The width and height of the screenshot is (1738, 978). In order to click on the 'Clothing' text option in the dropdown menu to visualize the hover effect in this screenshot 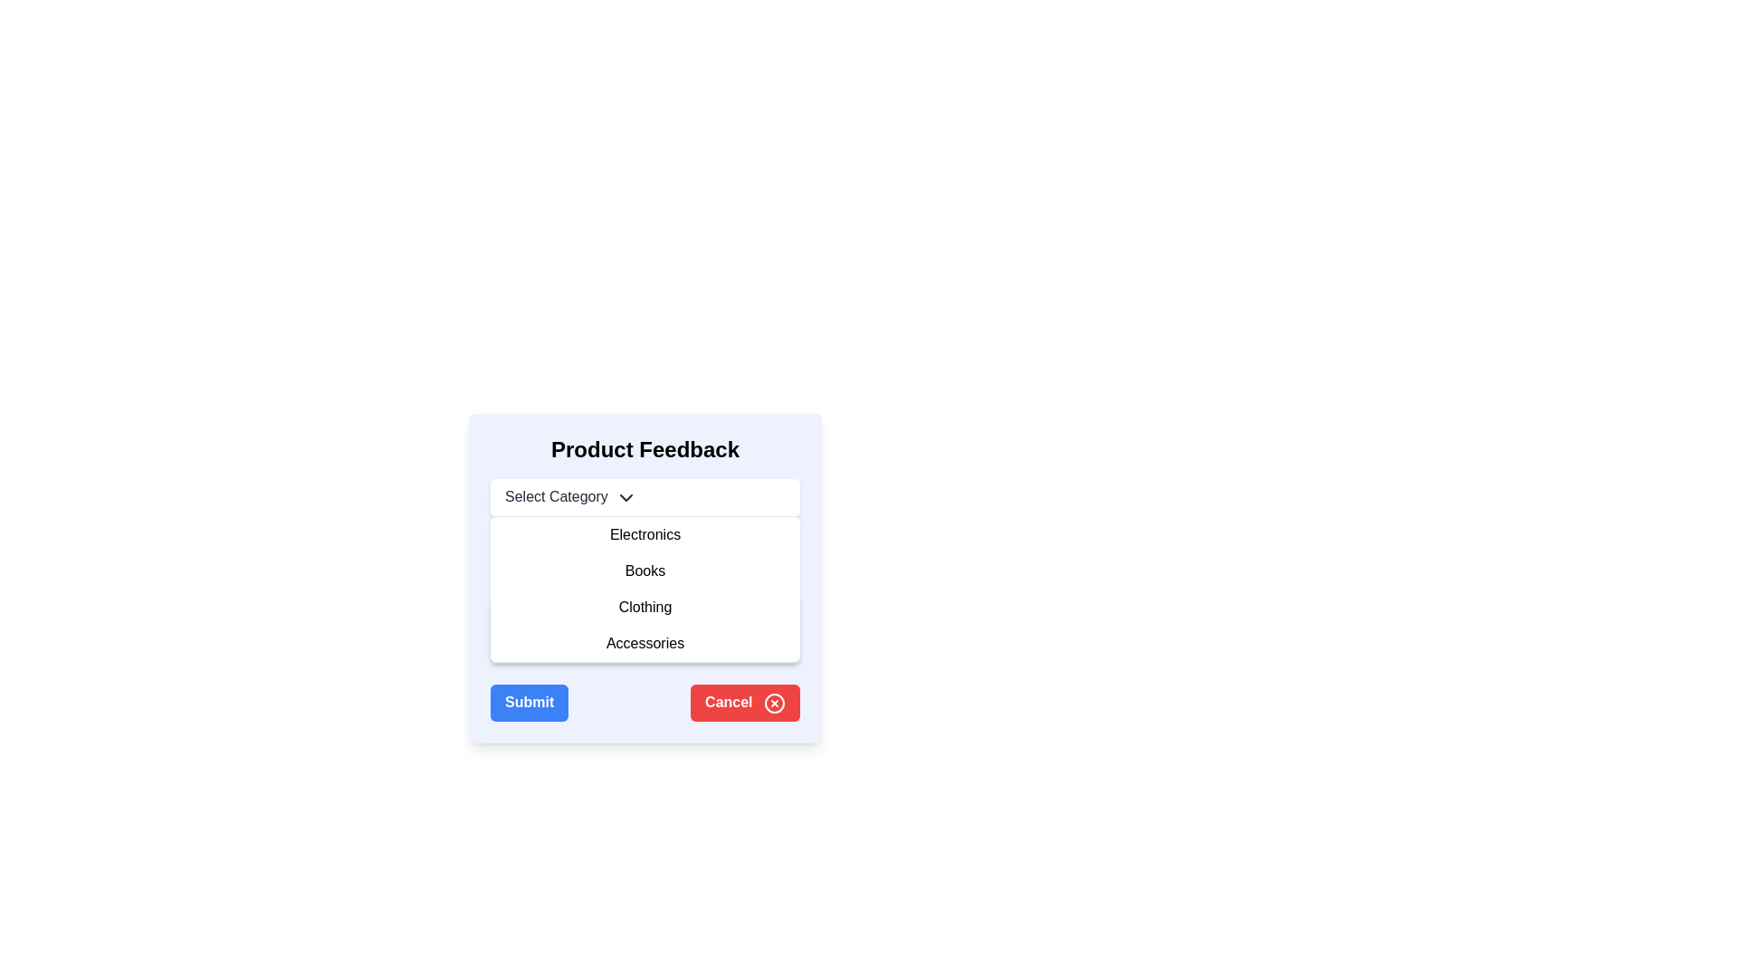, I will do `click(645, 607)`.